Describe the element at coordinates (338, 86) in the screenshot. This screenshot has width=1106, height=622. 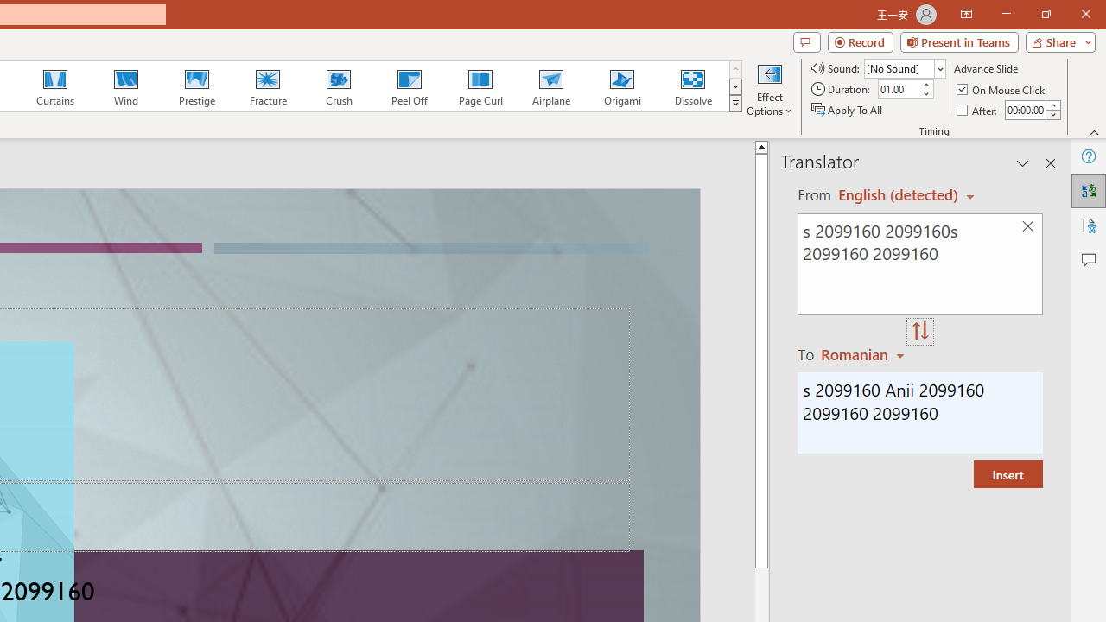
I see `'Crush'` at that location.